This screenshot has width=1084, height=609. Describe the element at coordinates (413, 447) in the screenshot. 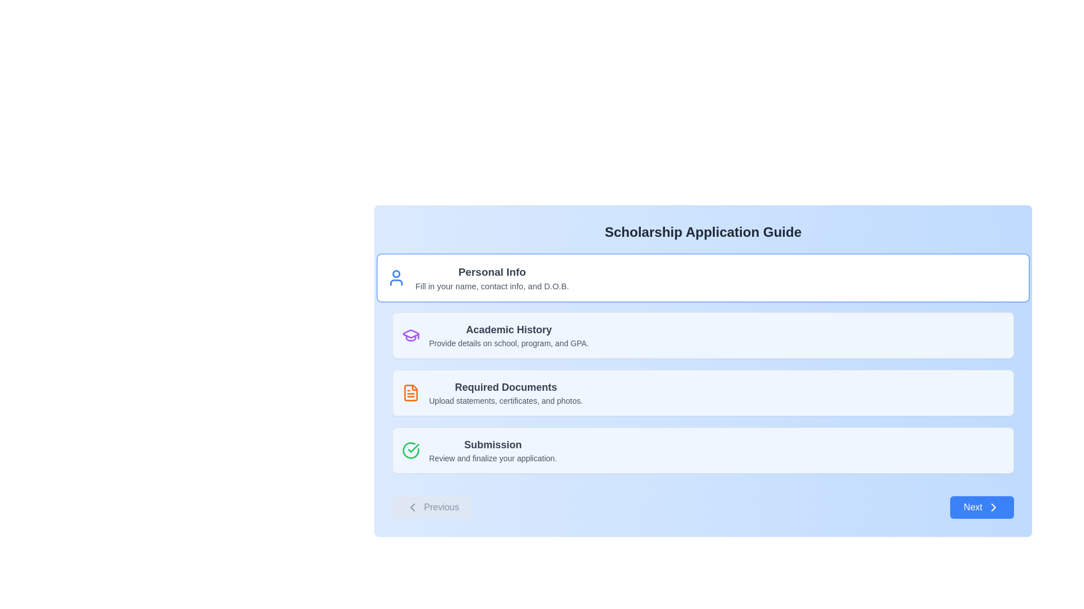

I see `the checkmark icon within the circular SVG graphic located at the bottom-right corner of the 'Submission' section to indicate successful completion` at that location.